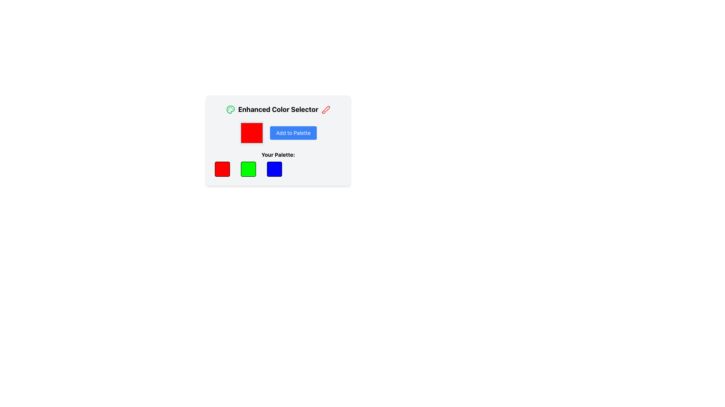  Describe the element at coordinates (278, 168) in the screenshot. I see `the blue color display box located in the 'Your Palette:' section, which is the third square box in the row` at that location.